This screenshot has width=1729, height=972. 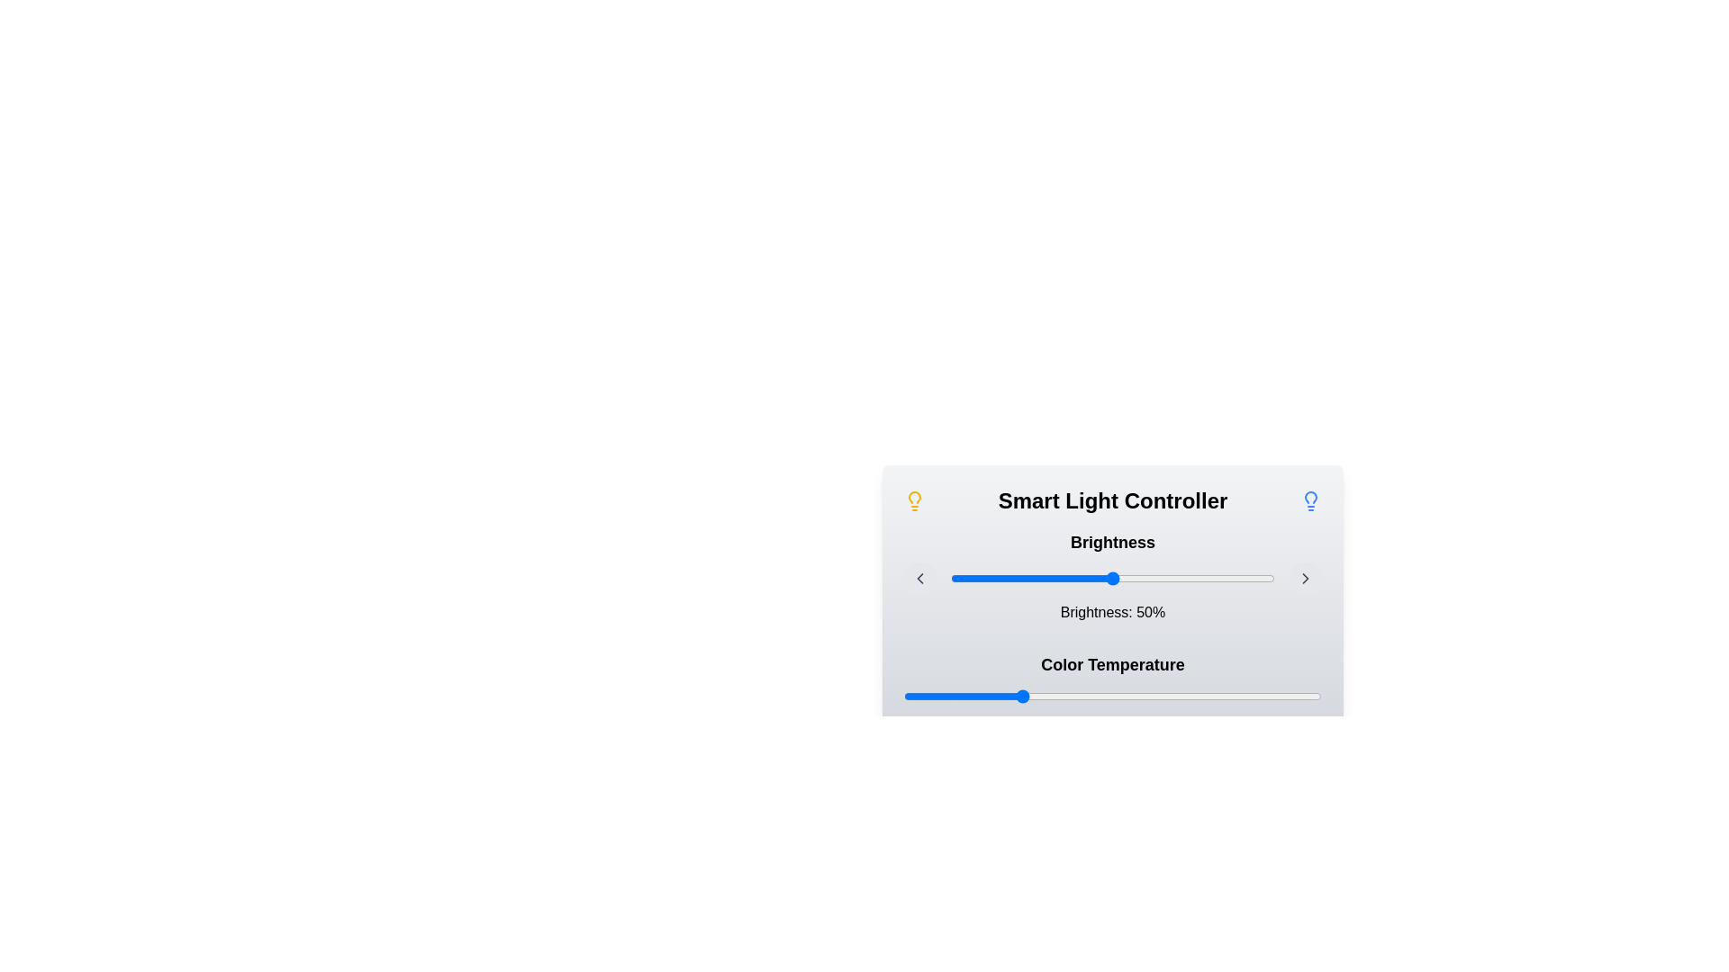 What do you see at coordinates (1112, 665) in the screenshot?
I see `the text label that describes the color temperature adjustment section, located at the top of the grouped section in the lower half of the interface` at bounding box center [1112, 665].